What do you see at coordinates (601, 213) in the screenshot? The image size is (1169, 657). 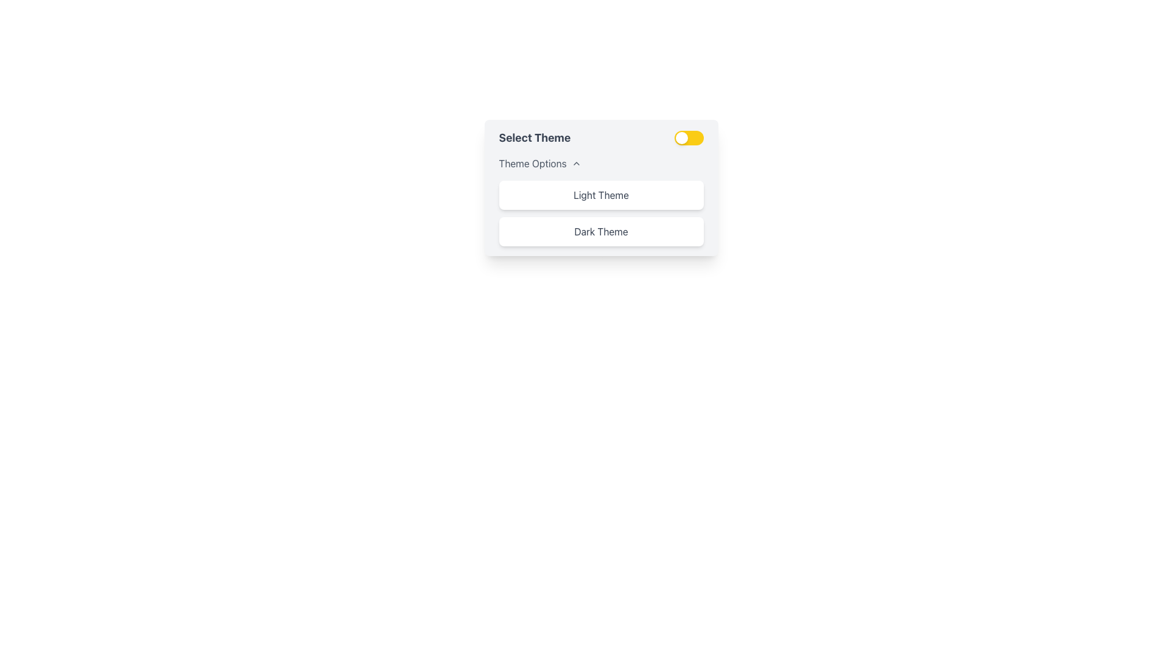 I see `the Option Group element located beneath the 'Theme Options' label in the 'Select Theme' section, which allows the user` at bounding box center [601, 213].